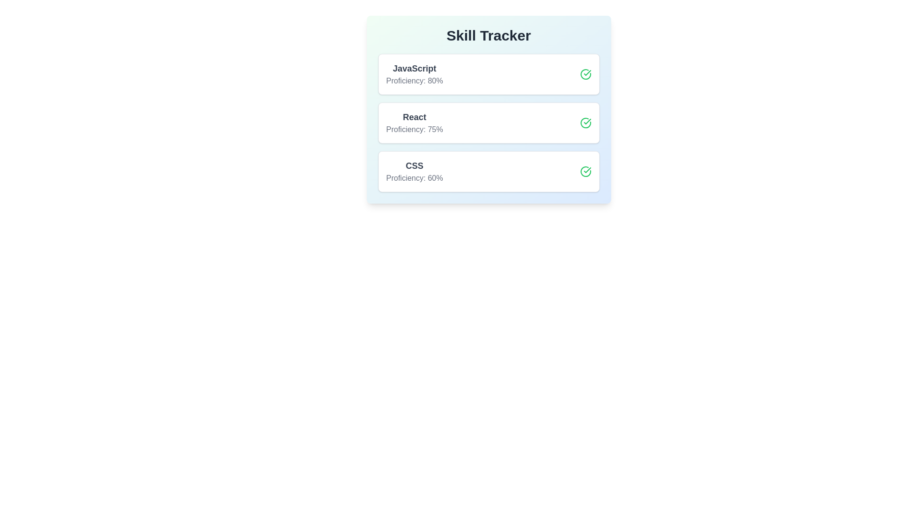 The width and height of the screenshot is (916, 515). What do you see at coordinates (489, 73) in the screenshot?
I see `the skill item corresponding to JavaScript` at bounding box center [489, 73].